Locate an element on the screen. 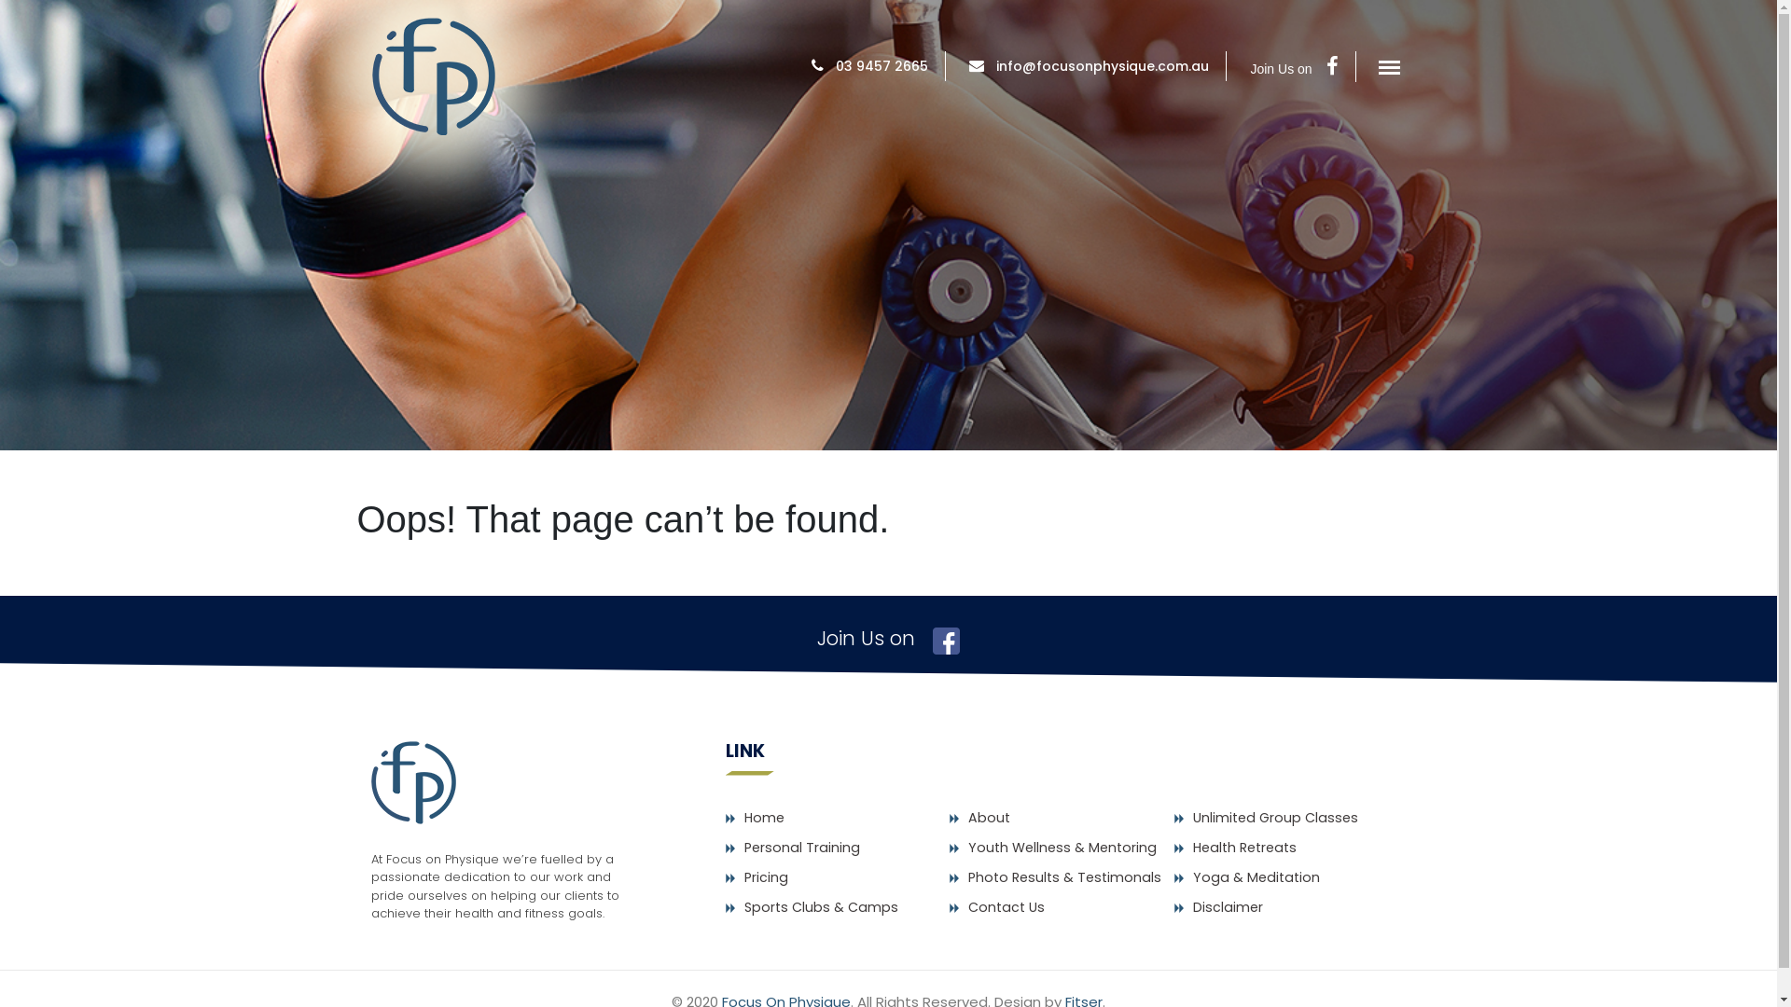  '03 9457 2665' is located at coordinates (881, 64).